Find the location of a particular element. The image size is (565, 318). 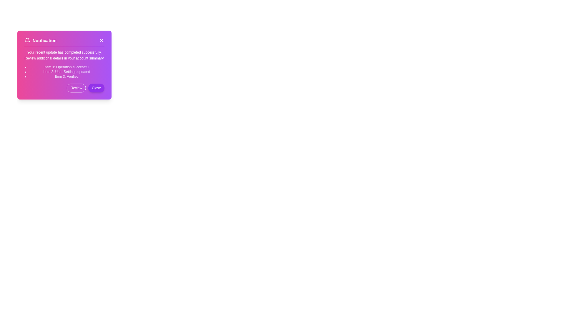

text label displaying the word 'Notification' in bold font, located in the top-left section of the notification card layout, next to the bell icon is located at coordinates (44, 40).